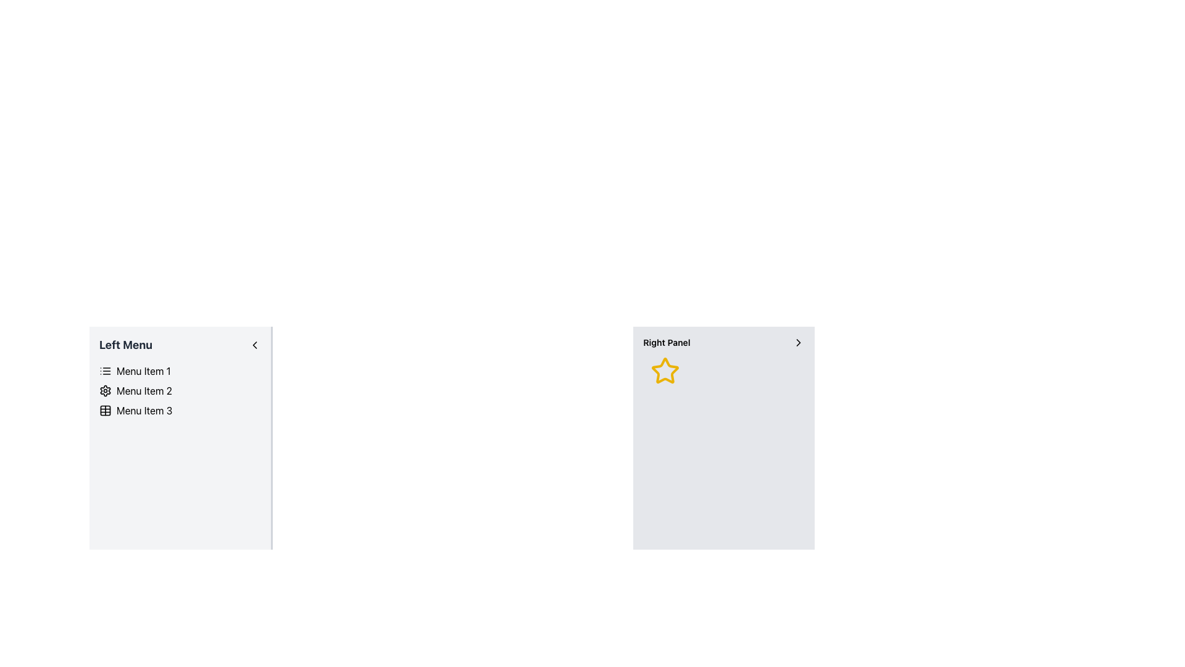 Image resolution: width=1185 pixels, height=667 pixels. I want to click on the settings icon located in the left panel under the 'Left Menu' heading, adjacent to 'Menu Item 2', so click(106, 390).